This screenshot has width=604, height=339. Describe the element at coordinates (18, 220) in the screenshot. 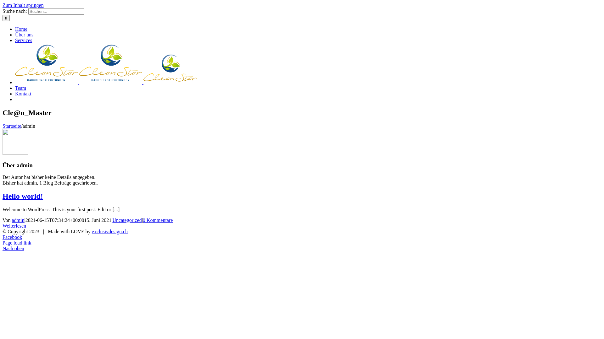

I see `'admin'` at that location.